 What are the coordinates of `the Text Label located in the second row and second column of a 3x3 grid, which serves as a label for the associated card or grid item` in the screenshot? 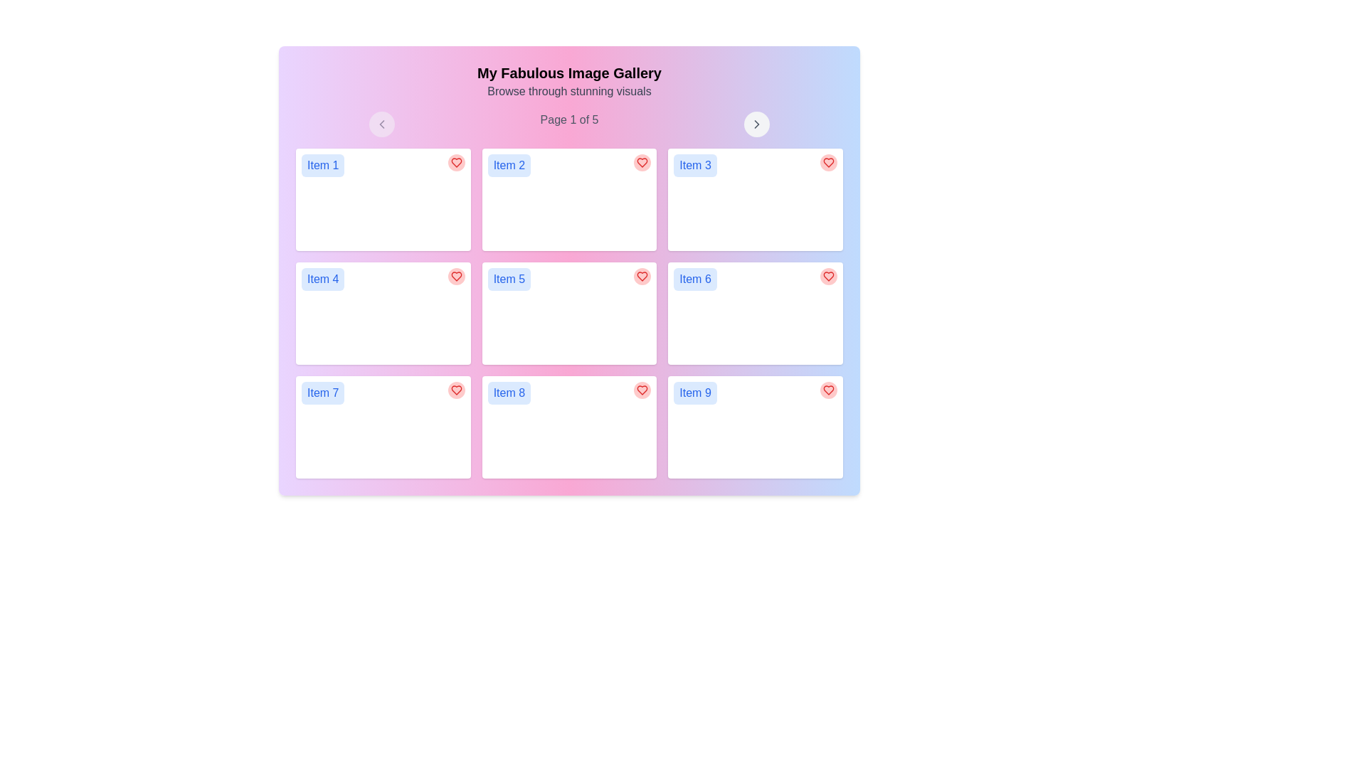 It's located at (509, 279).